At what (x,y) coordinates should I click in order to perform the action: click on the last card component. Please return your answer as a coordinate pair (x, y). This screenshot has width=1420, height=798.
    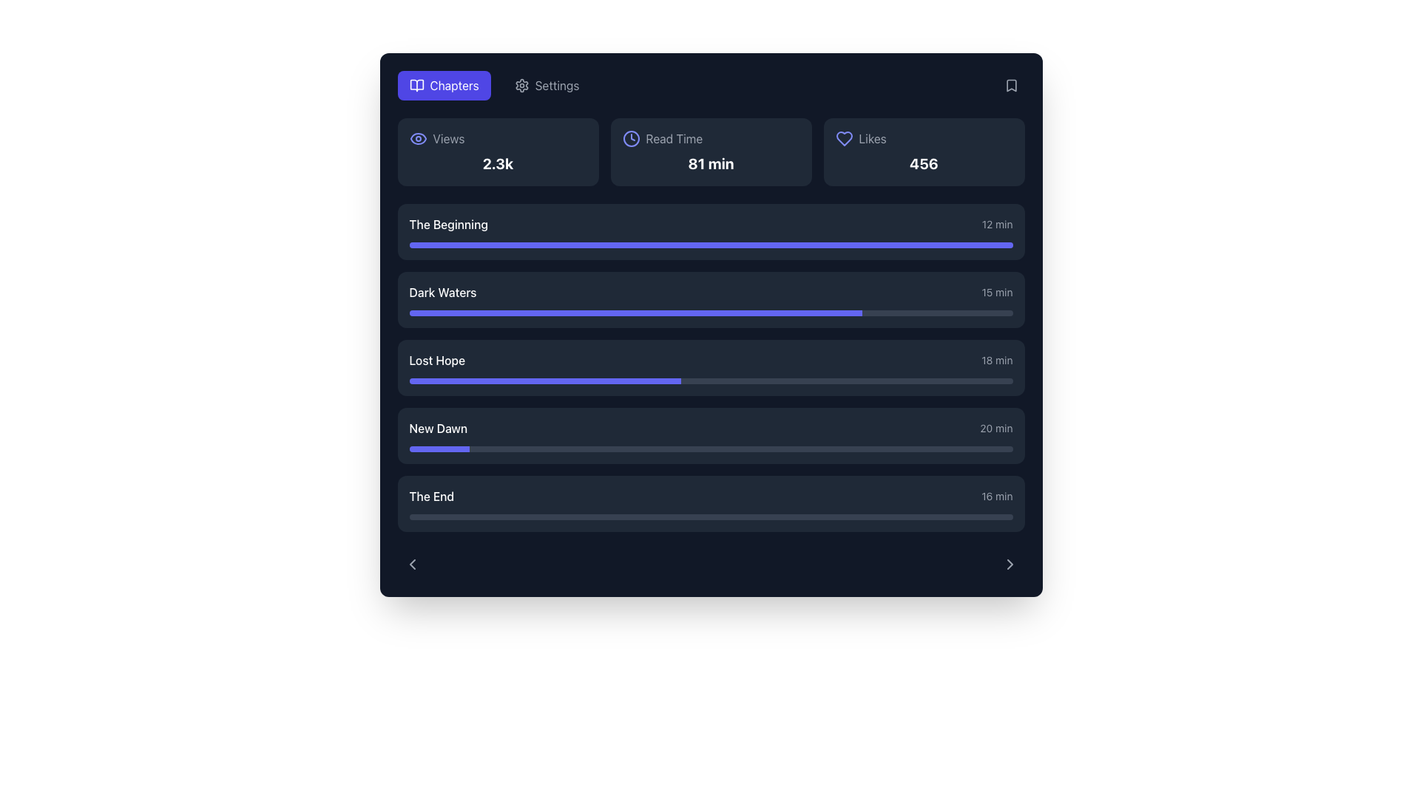
    Looking at the image, I should click on (711, 503).